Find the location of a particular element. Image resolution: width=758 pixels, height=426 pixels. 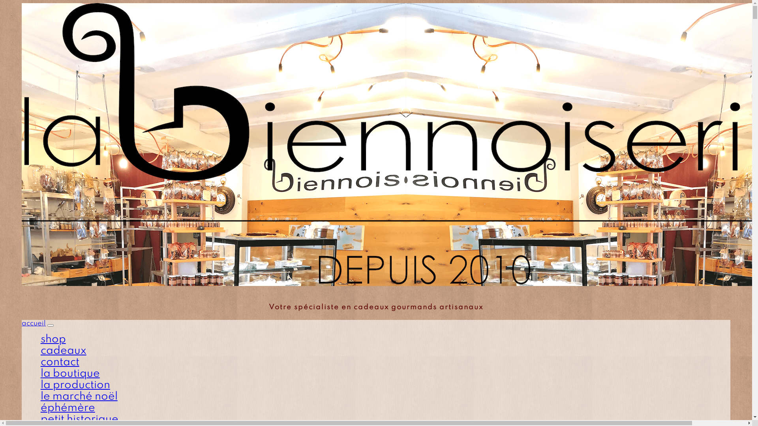

'accueil' is located at coordinates (33, 323).